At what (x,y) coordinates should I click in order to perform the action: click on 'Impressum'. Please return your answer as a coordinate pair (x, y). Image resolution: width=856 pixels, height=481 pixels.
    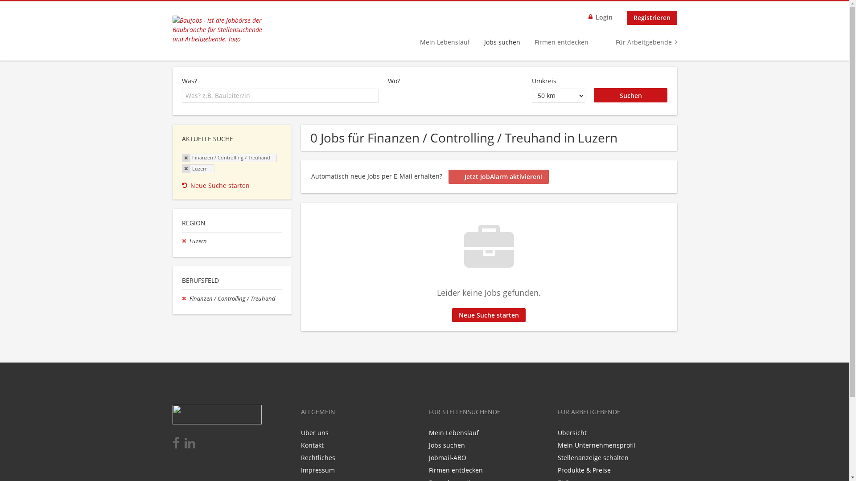
    Looking at the image, I should click on (317, 469).